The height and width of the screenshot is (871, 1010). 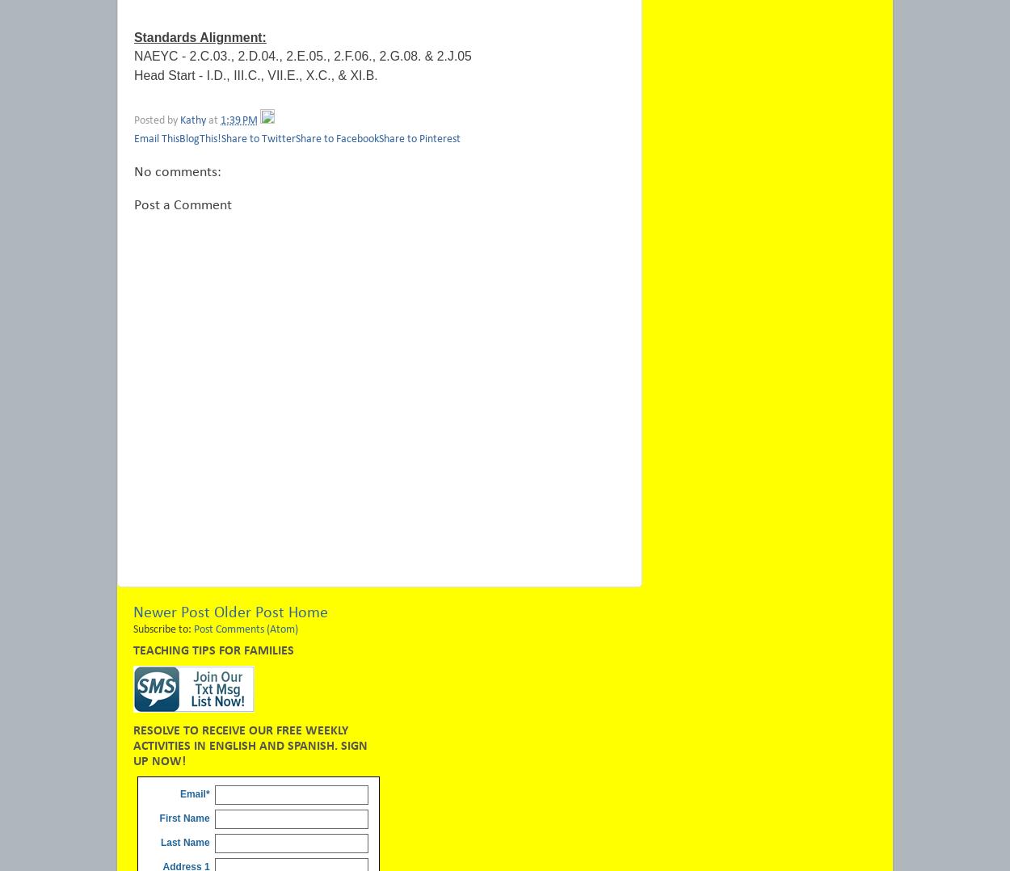 I want to click on 'Teaching Tips for Families', so click(x=213, y=650).